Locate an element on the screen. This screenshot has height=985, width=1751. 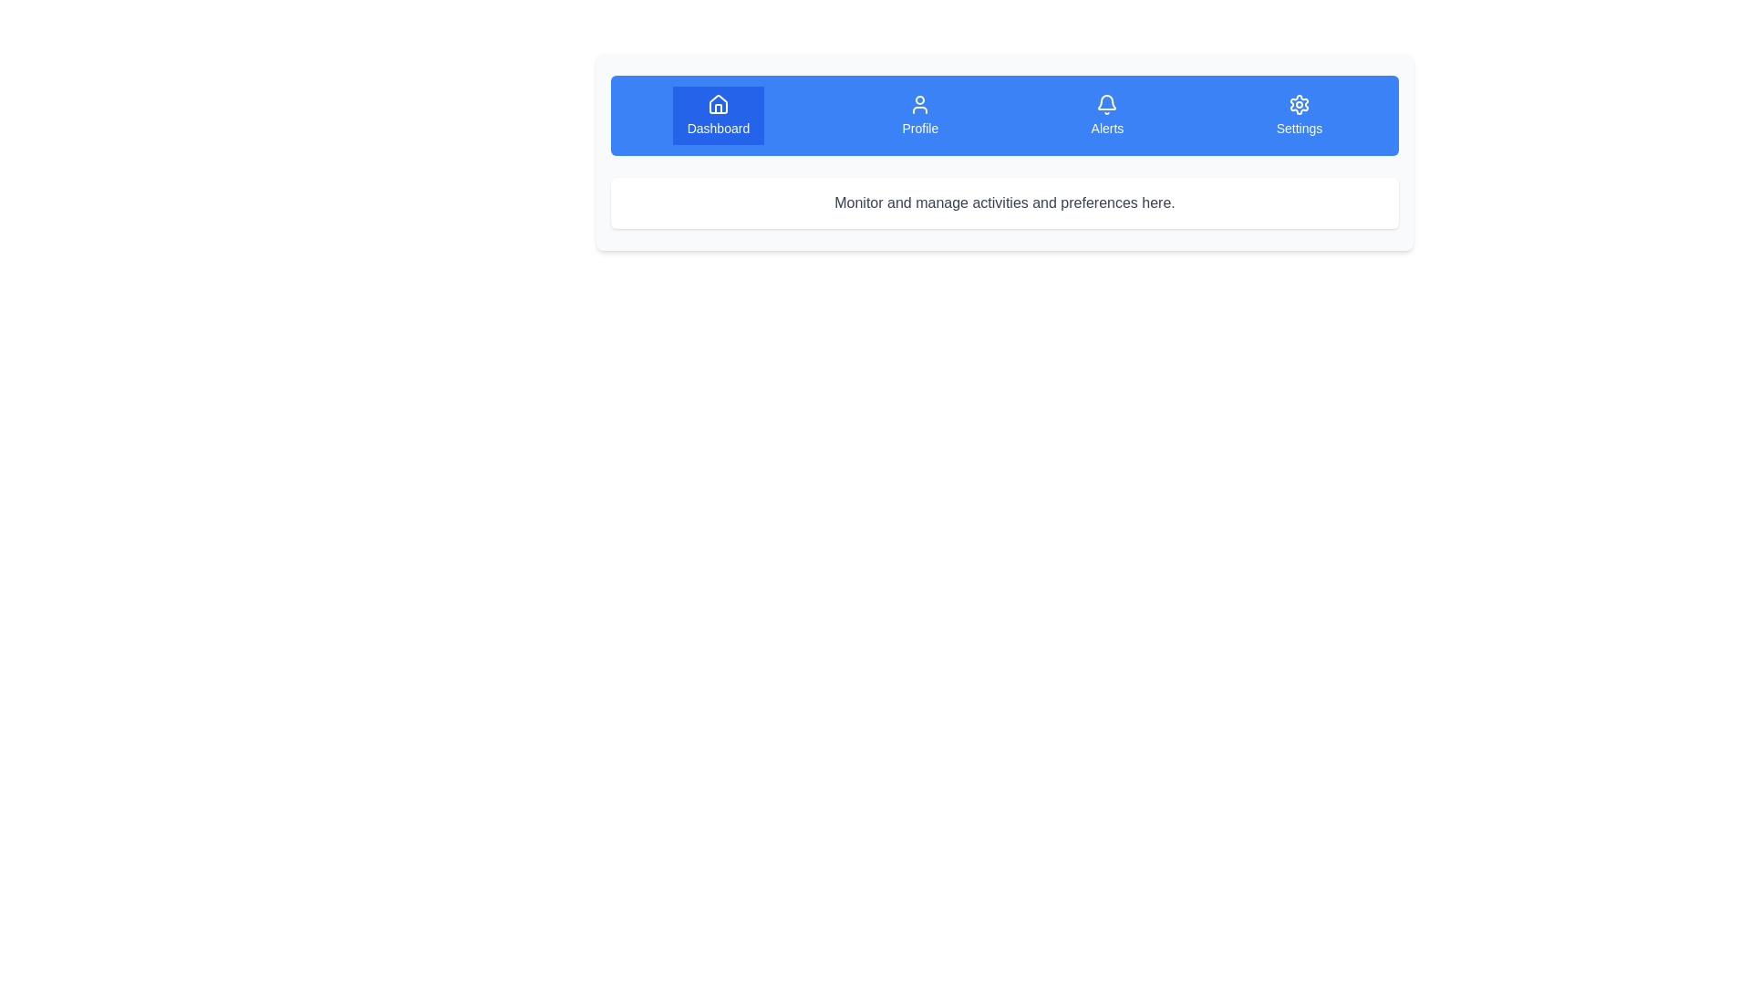
the 'Dashboard' button, which is a rectangular button with a blue background, white text, and an icon resembling a house at the top center is located at coordinates (717, 116).